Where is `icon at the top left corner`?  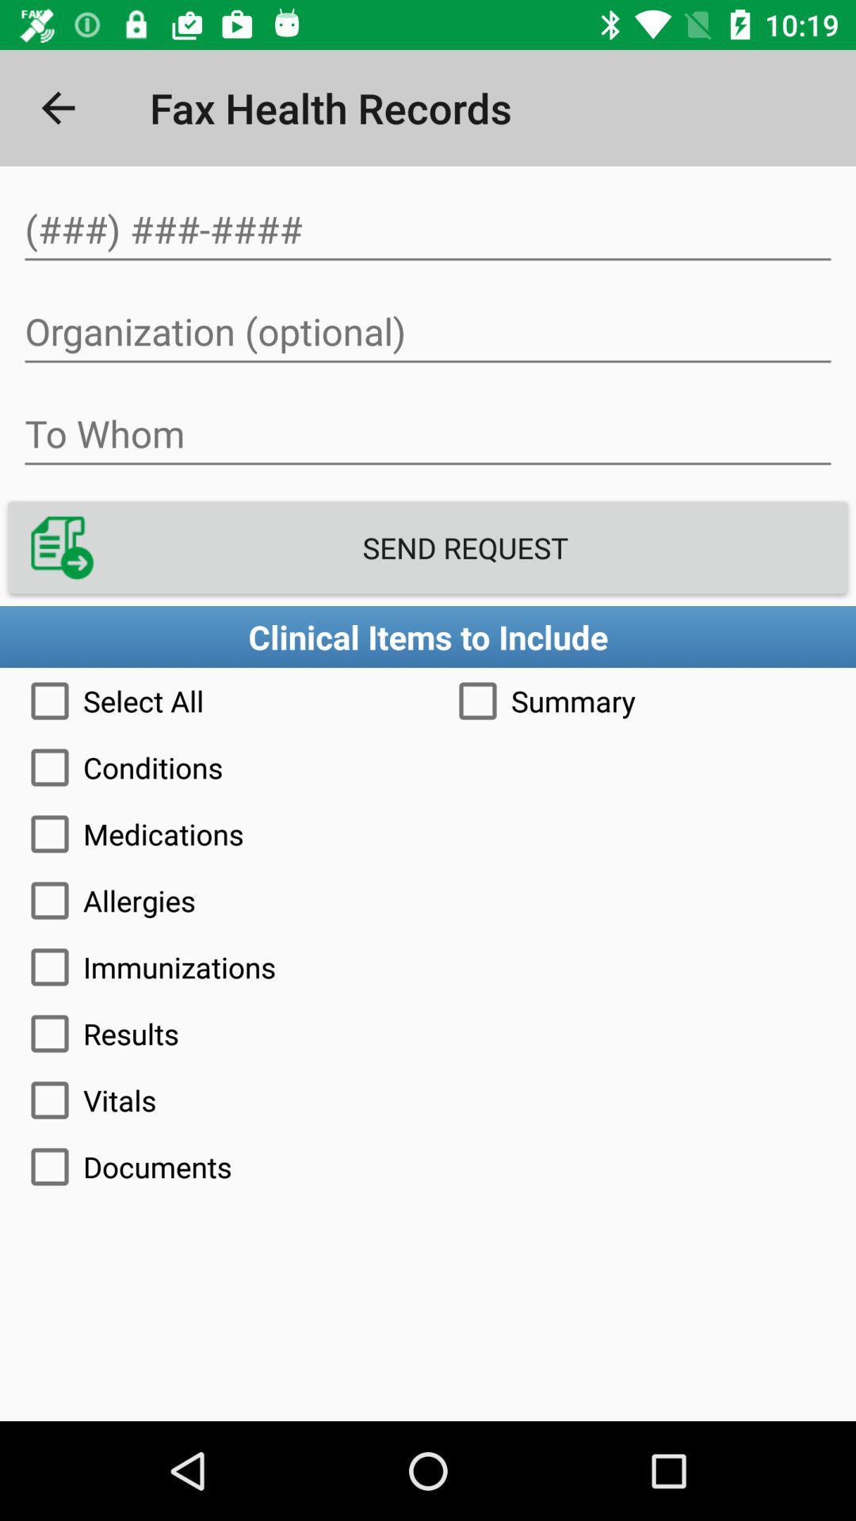 icon at the top left corner is located at coordinates (57, 107).